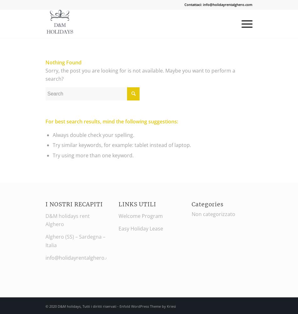 Image resolution: width=298 pixels, height=314 pixels. Describe the element at coordinates (194, 4) in the screenshot. I see `'Contattaci:'` at that location.